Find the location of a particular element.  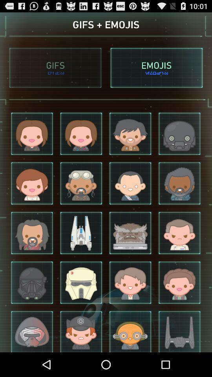

the third emoji from the bottom is located at coordinates (130, 331).